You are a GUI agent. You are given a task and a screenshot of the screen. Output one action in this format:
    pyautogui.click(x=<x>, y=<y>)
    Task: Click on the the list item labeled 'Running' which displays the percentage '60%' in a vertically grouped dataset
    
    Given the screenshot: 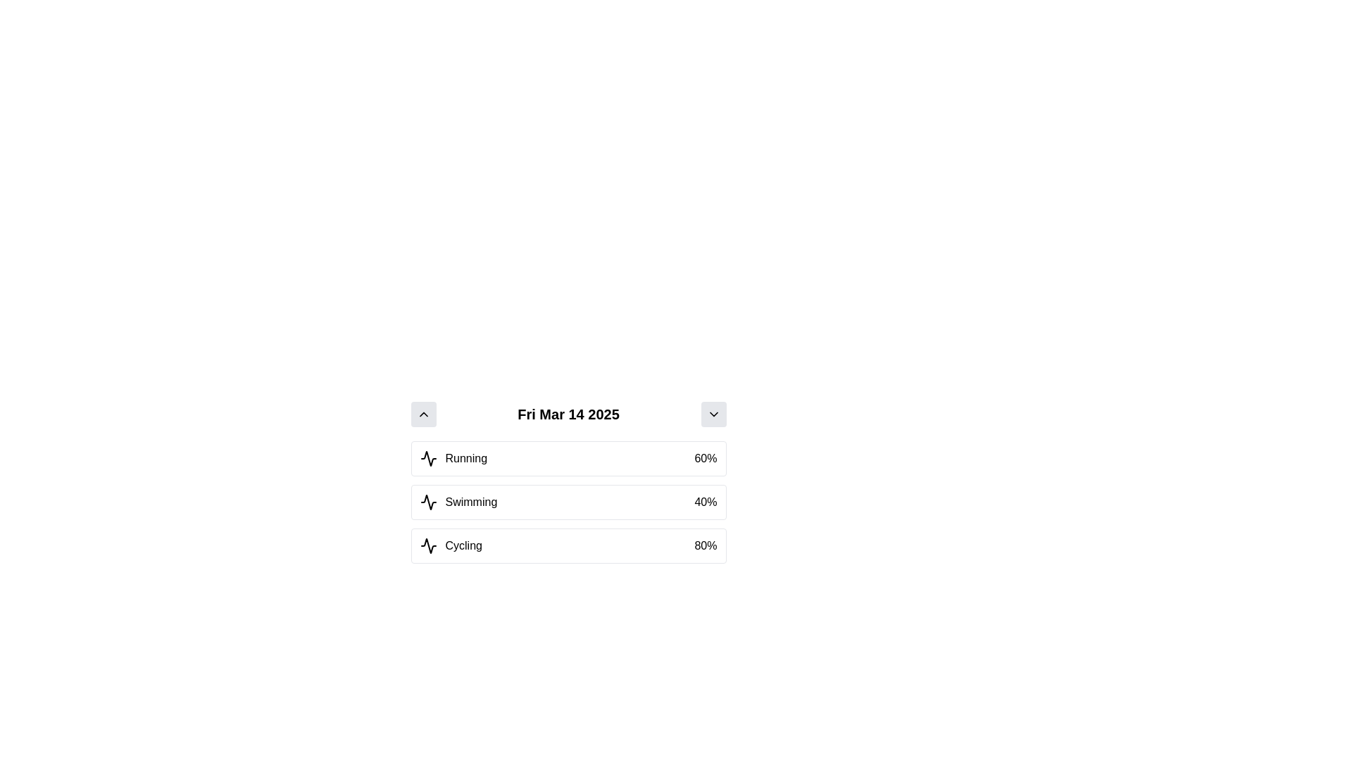 What is the action you would take?
    pyautogui.click(x=568, y=458)
    